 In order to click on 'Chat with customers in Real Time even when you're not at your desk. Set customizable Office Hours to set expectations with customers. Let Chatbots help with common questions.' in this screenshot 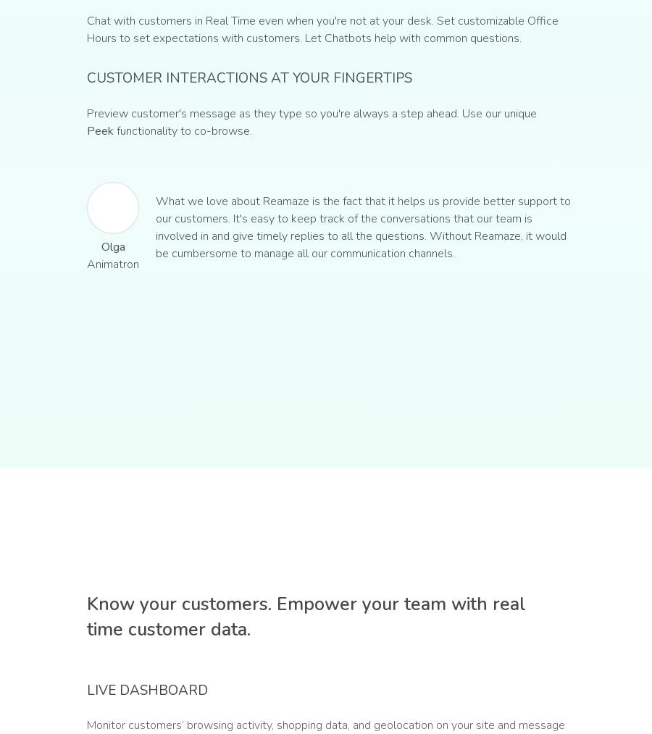, I will do `click(322, 29)`.